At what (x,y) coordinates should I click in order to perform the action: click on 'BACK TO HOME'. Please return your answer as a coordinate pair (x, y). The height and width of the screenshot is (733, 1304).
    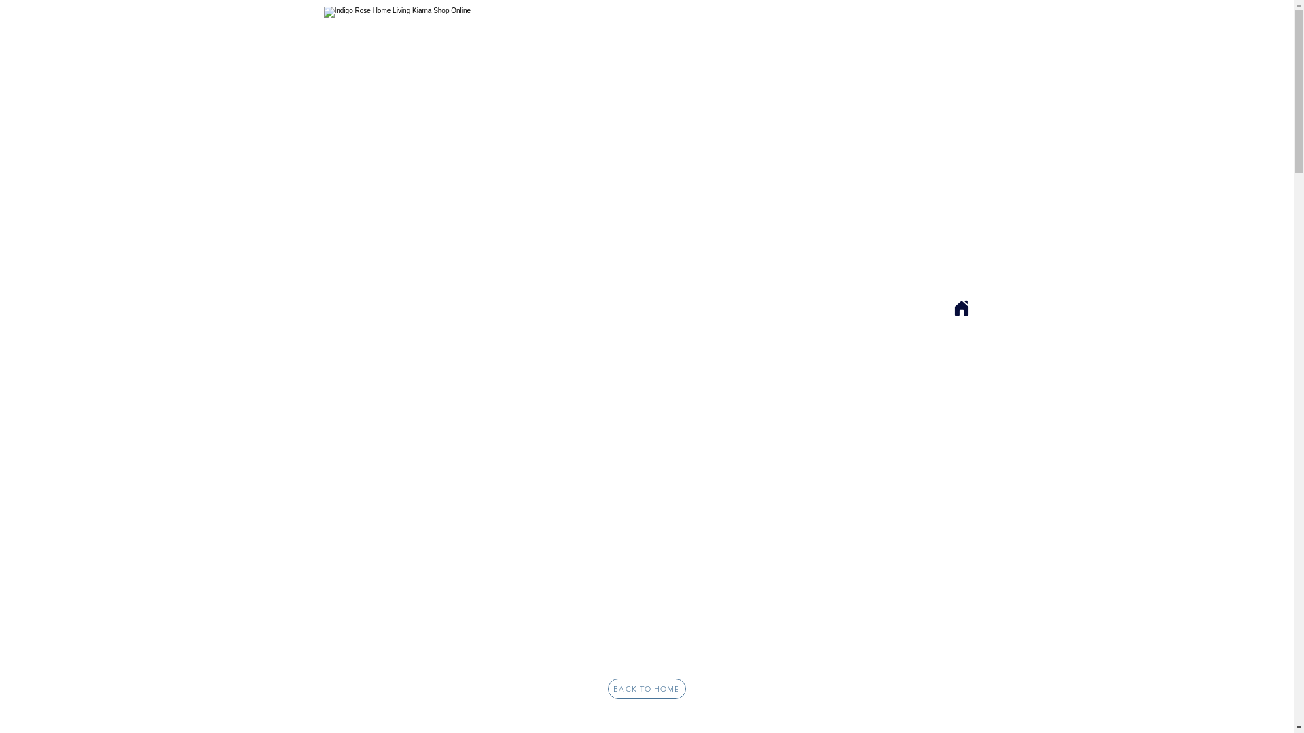
    Looking at the image, I should click on (606, 688).